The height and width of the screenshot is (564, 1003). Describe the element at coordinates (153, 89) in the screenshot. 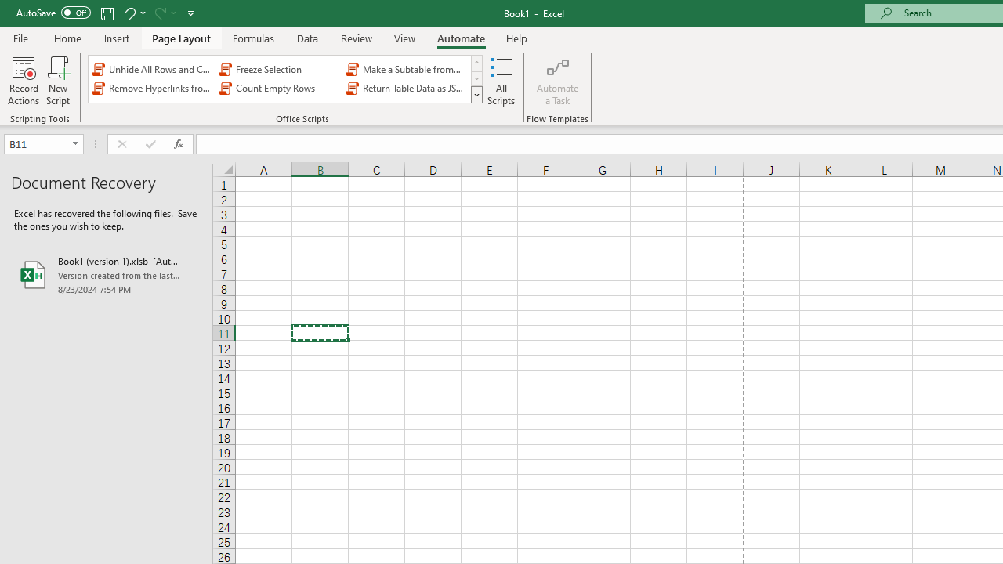

I see `'Remove Hyperlinks from Sheet'` at that location.